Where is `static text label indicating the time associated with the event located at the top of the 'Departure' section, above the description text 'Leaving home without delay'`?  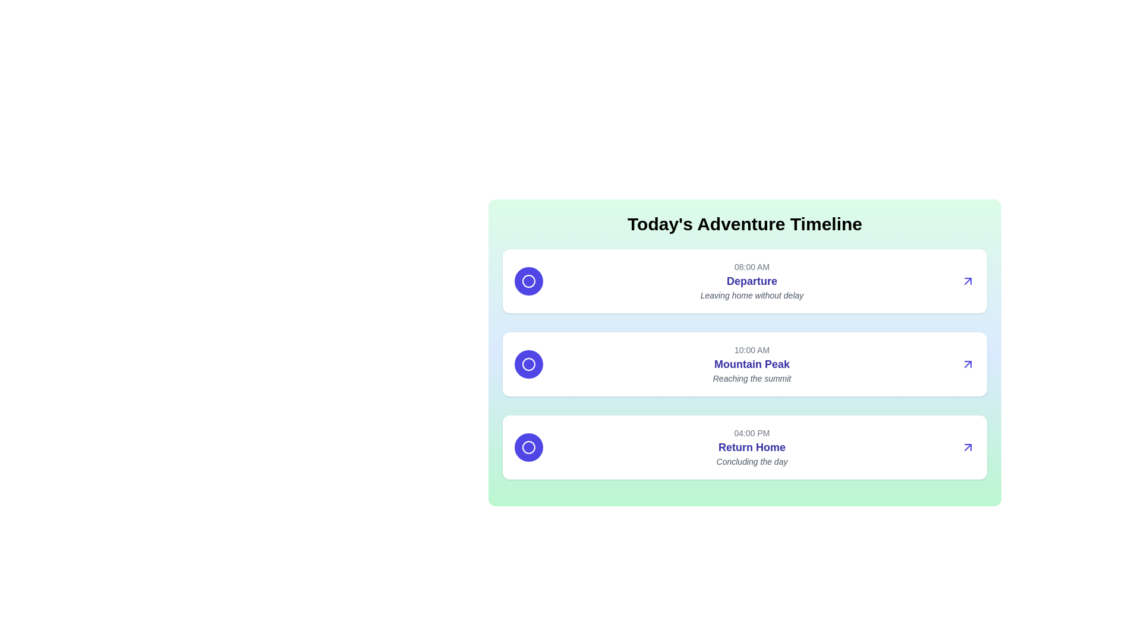 static text label indicating the time associated with the event located at the top of the 'Departure' section, above the description text 'Leaving home without delay' is located at coordinates (751, 267).